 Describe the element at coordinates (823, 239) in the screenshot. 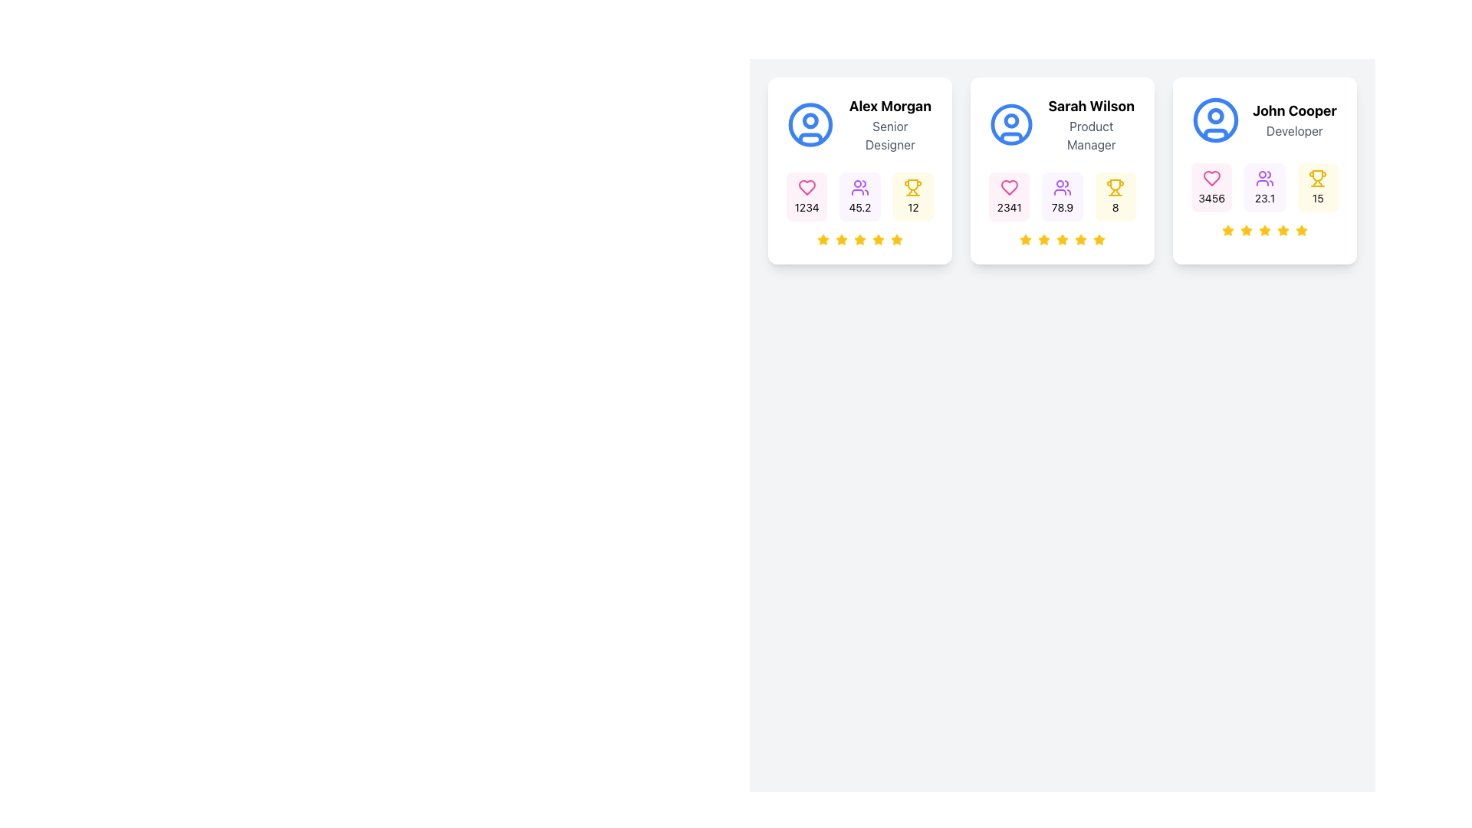

I see `the yellow star-shaped icon, which is the first in a sequence of five stars below the 'Alex Morgan' profile card` at that location.